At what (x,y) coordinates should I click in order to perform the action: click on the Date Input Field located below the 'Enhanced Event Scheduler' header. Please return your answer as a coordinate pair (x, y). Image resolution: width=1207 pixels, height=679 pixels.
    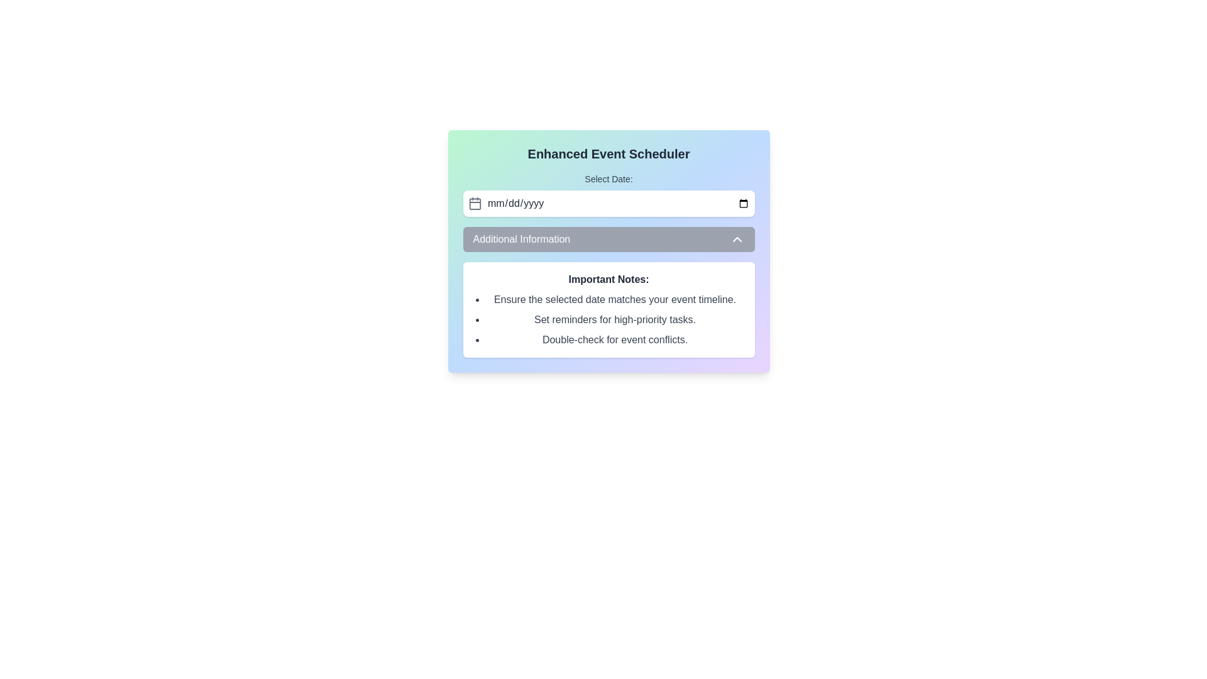
    Looking at the image, I should click on (609, 194).